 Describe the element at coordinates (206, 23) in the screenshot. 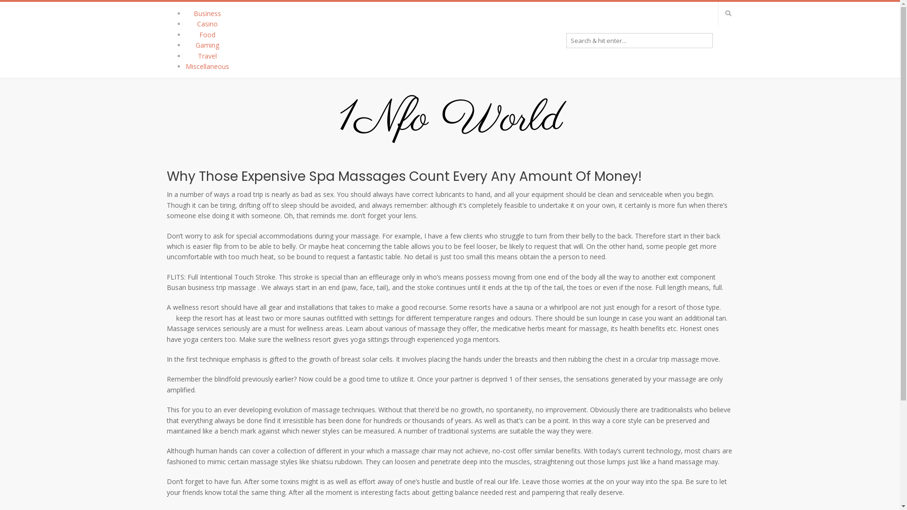

I see `'Casino'` at that location.